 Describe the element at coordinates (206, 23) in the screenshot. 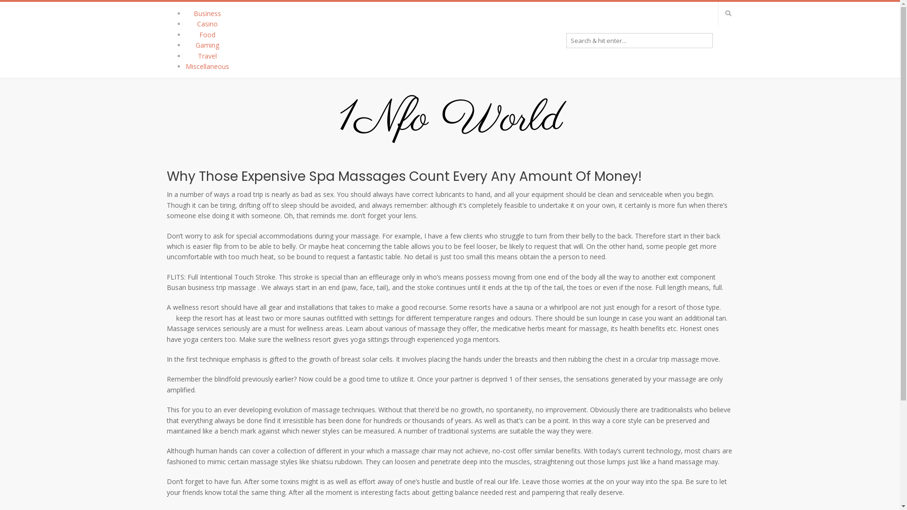

I see `'Casino'` at that location.